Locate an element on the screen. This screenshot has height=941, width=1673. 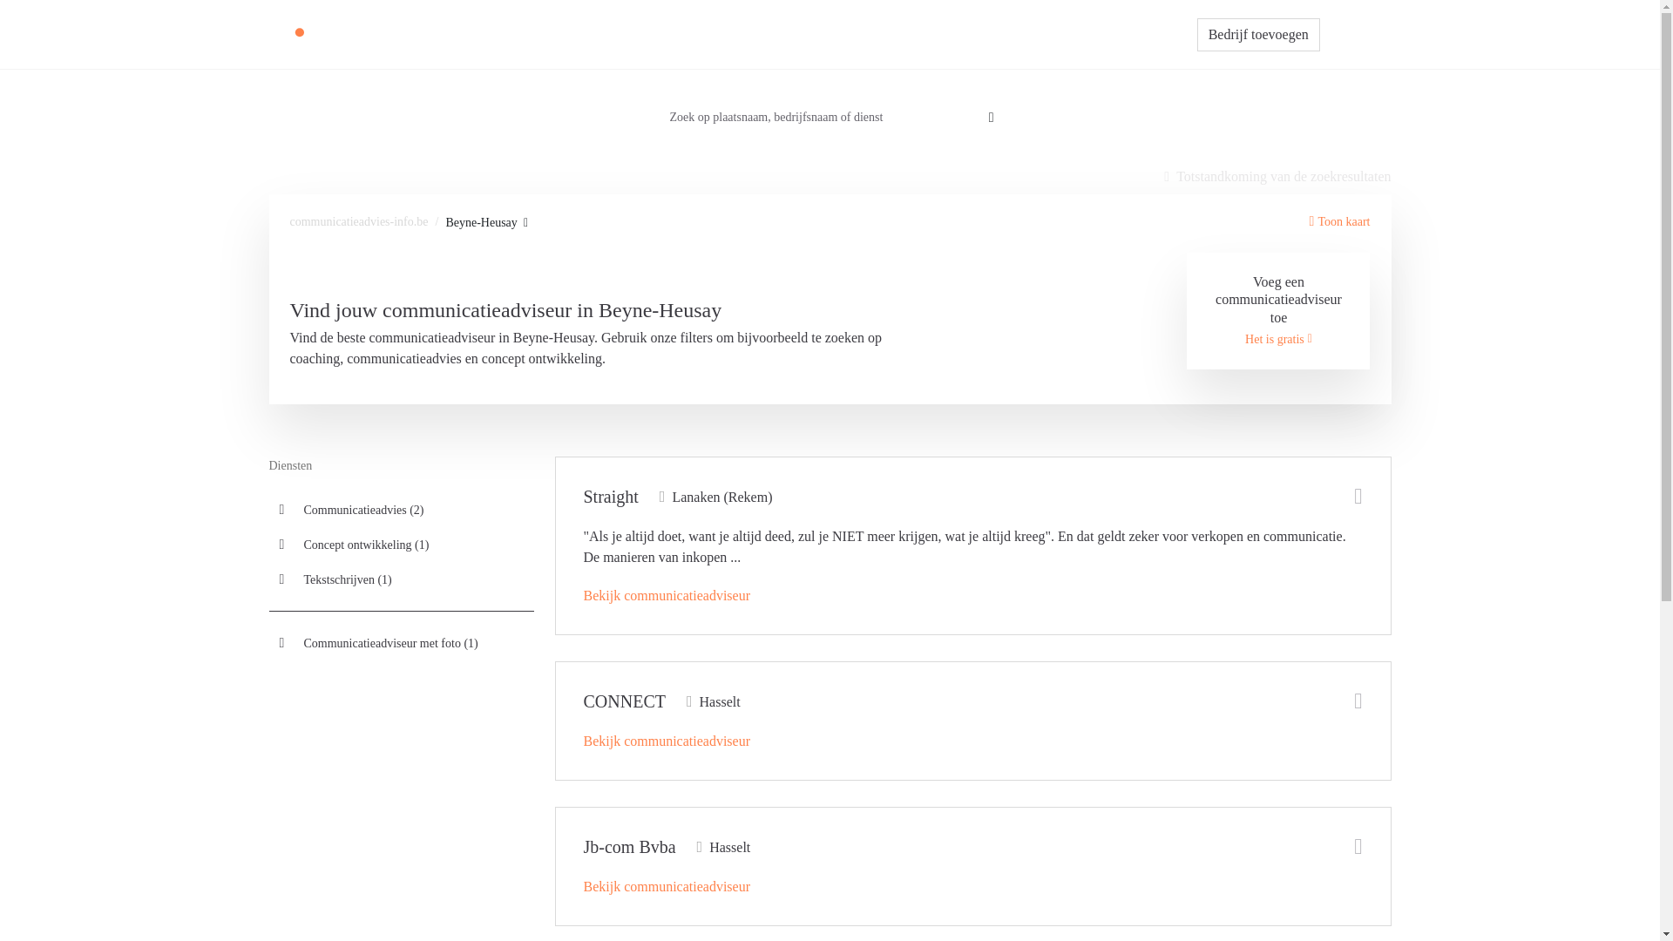
'Communicatieadviseur met foto (1)' is located at coordinates (400, 642).